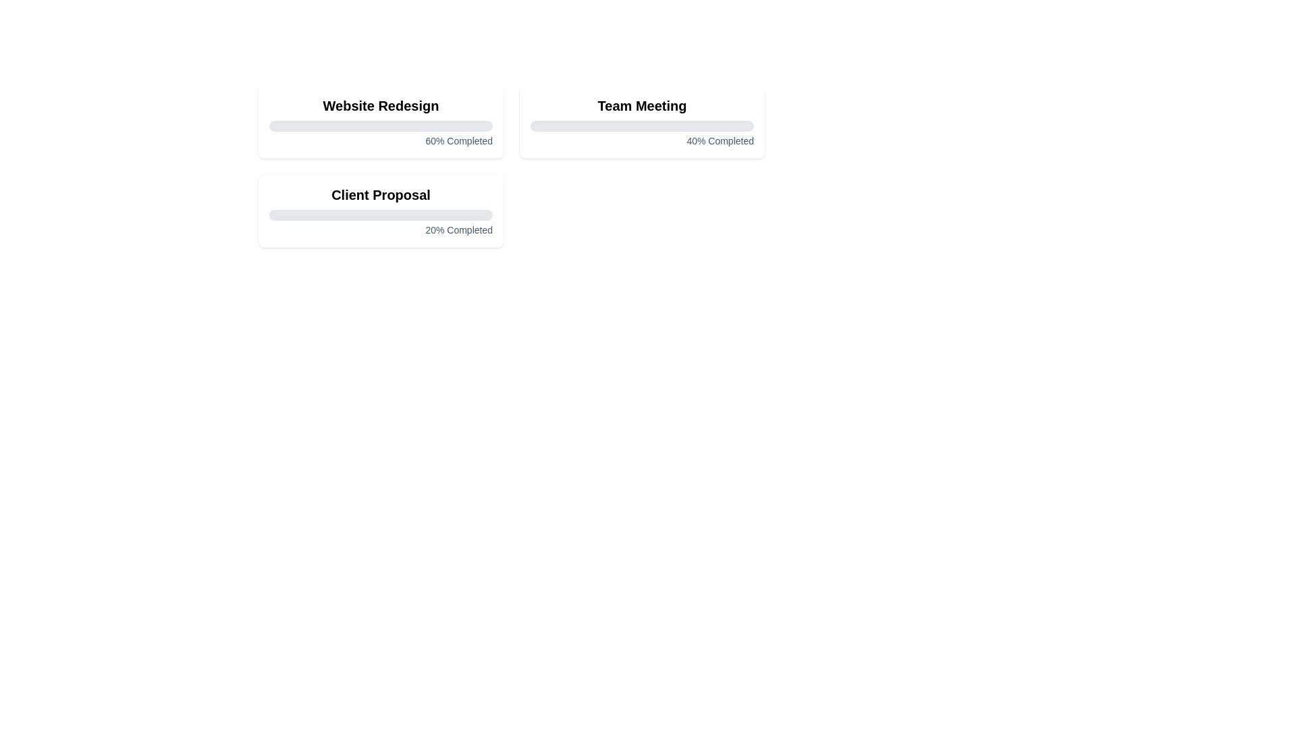 The width and height of the screenshot is (1296, 729). I want to click on the task title Website Redesign to select it, so click(380, 105).